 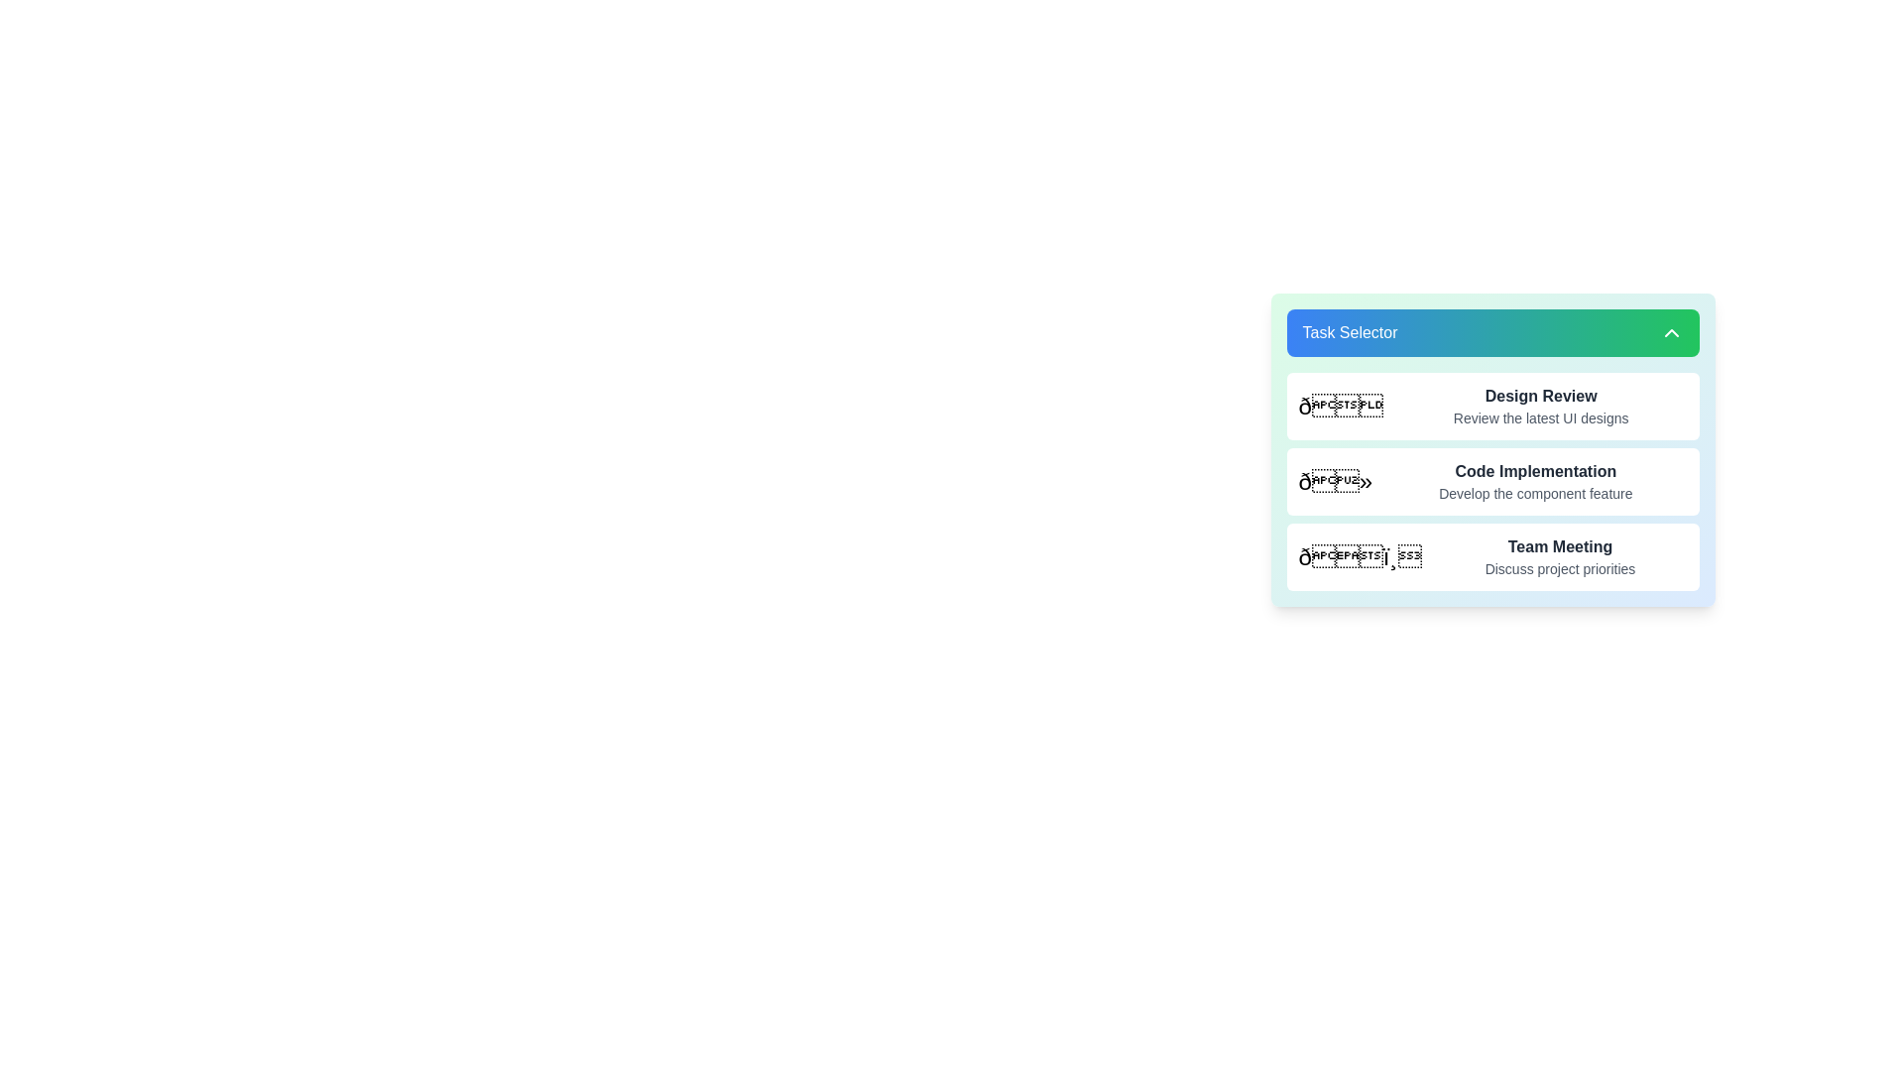 I want to click on the third task card titled 'Meeting Item' in the 'Task Selector', so click(x=1559, y=557).